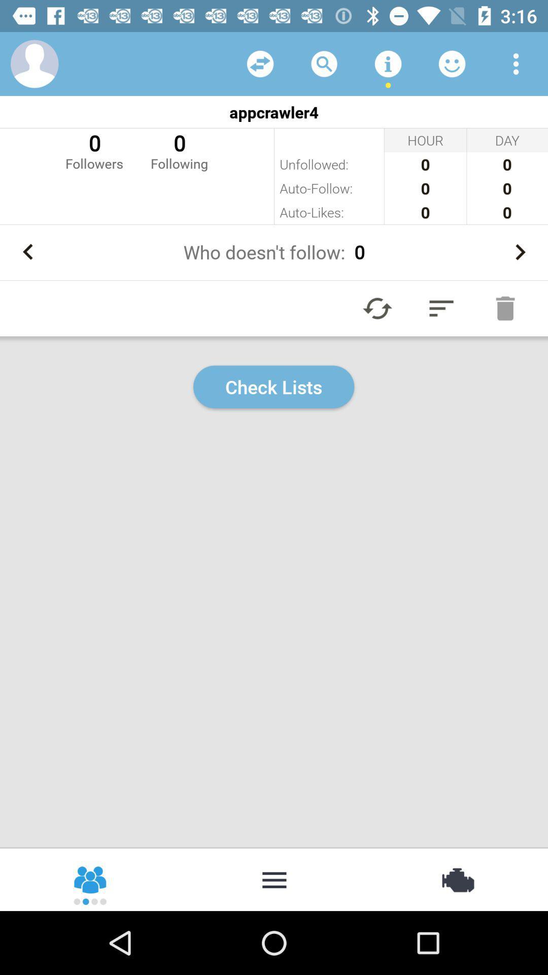 Image resolution: width=548 pixels, height=975 pixels. What do you see at coordinates (378, 308) in the screenshot?
I see `the refresh icon` at bounding box center [378, 308].